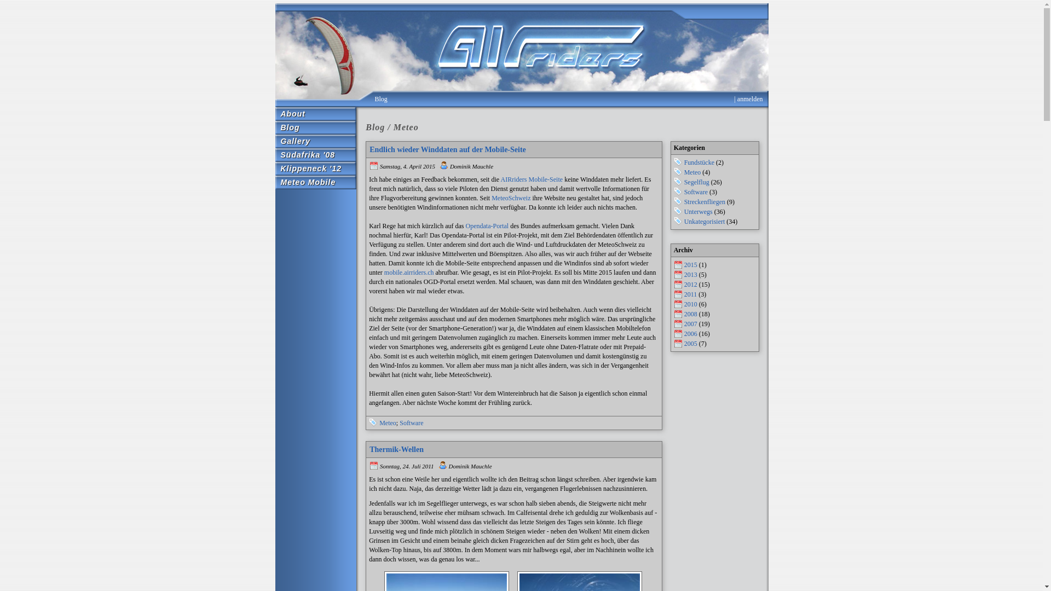 This screenshot has height=591, width=1051. Describe the element at coordinates (698, 211) in the screenshot. I see `'Unterwegs'` at that location.